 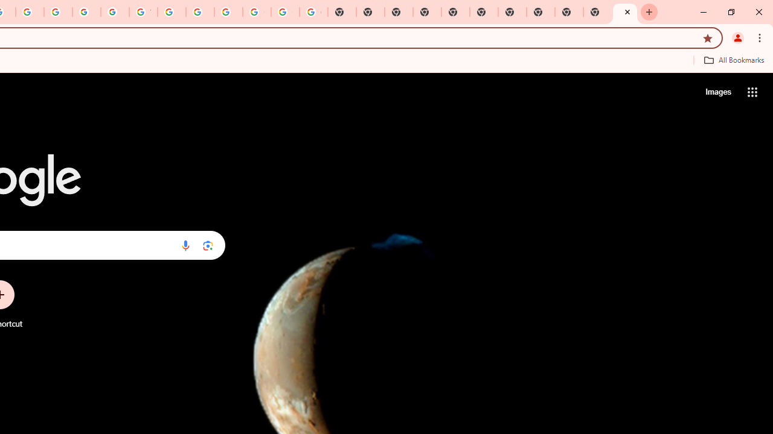 I want to click on 'Search by voice', so click(x=185, y=245).